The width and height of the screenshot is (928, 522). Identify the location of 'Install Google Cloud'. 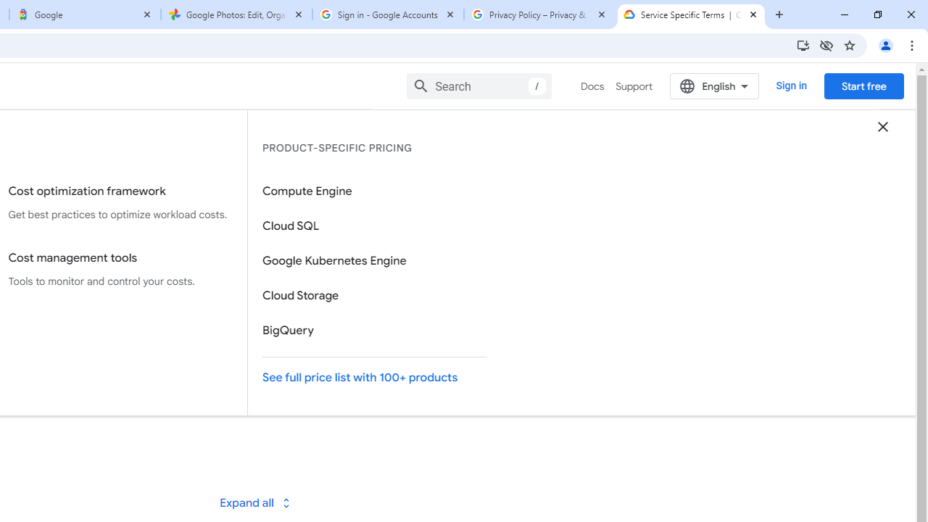
(802, 44).